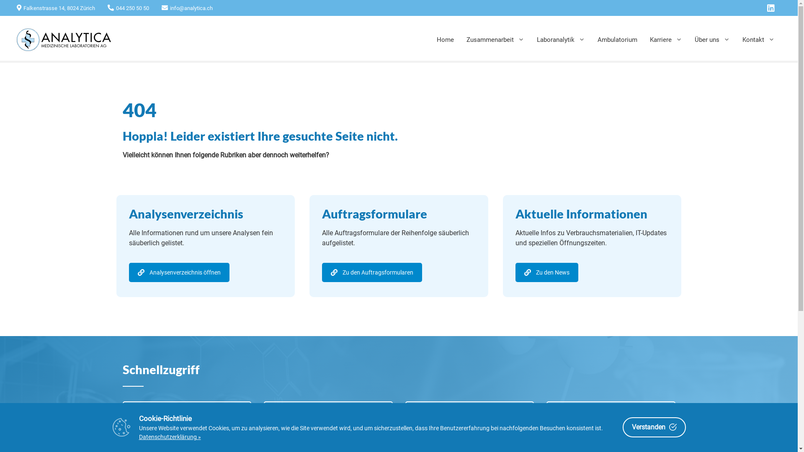 This screenshot has width=804, height=452. What do you see at coordinates (128, 8) in the screenshot?
I see `'044 250 50 50'` at bounding box center [128, 8].